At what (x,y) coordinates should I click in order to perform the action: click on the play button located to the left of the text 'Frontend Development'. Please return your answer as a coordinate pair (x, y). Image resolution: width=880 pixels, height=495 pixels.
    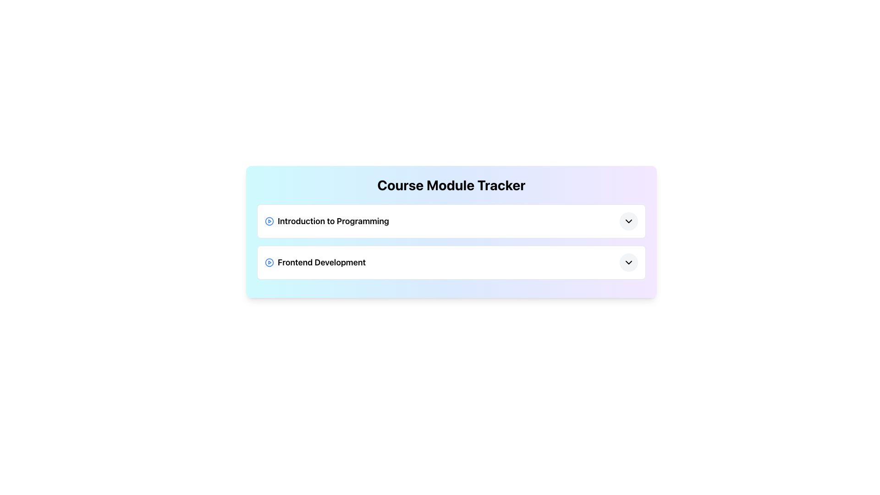
    Looking at the image, I should click on (269, 263).